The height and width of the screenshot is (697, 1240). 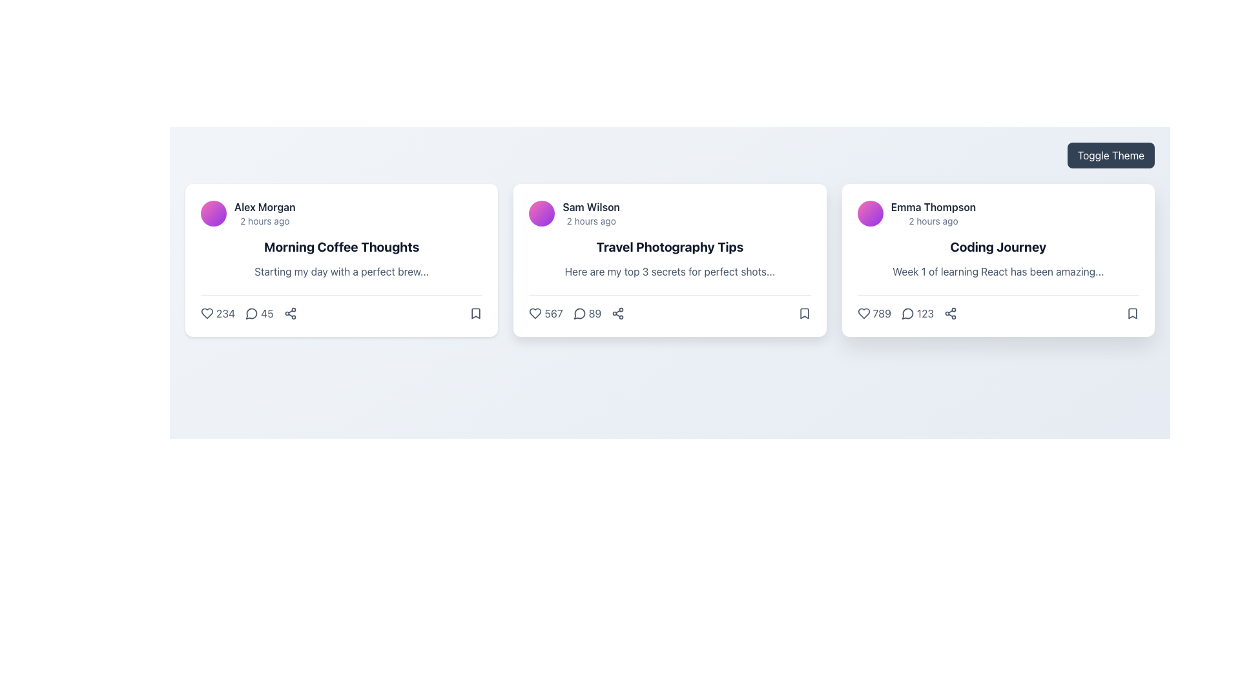 I want to click on the text label indicating the time elapsed since the event under the card for 'Sam Wilson' in the second column, so click(x=590, y=221).